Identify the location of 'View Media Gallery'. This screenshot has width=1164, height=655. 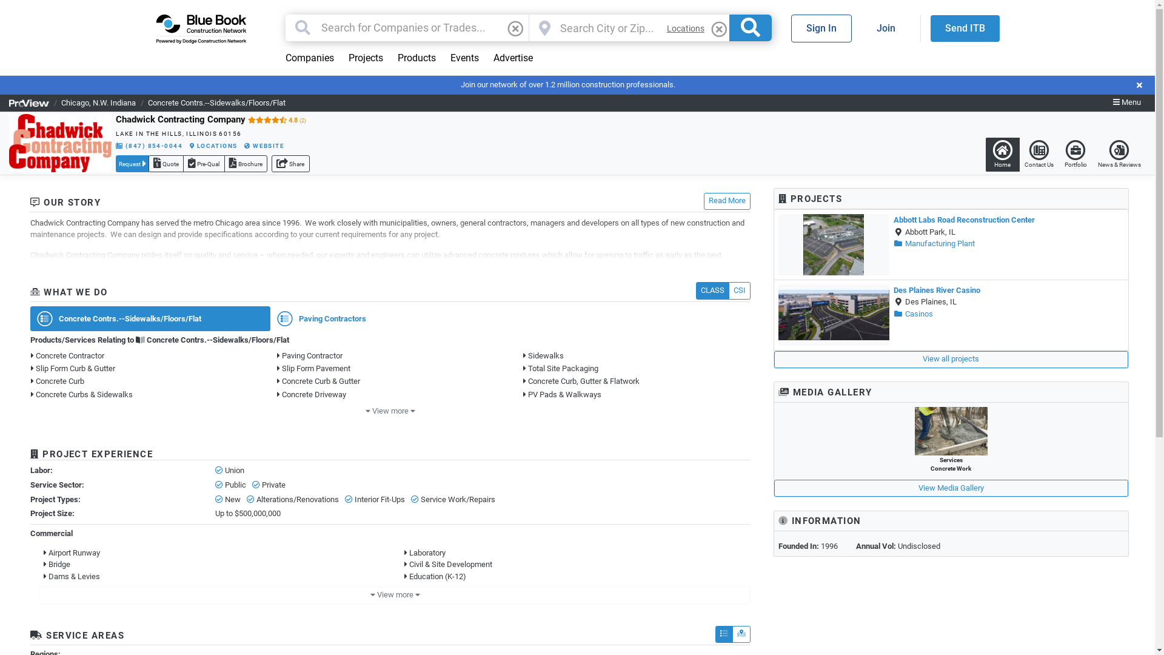
(951, 488).